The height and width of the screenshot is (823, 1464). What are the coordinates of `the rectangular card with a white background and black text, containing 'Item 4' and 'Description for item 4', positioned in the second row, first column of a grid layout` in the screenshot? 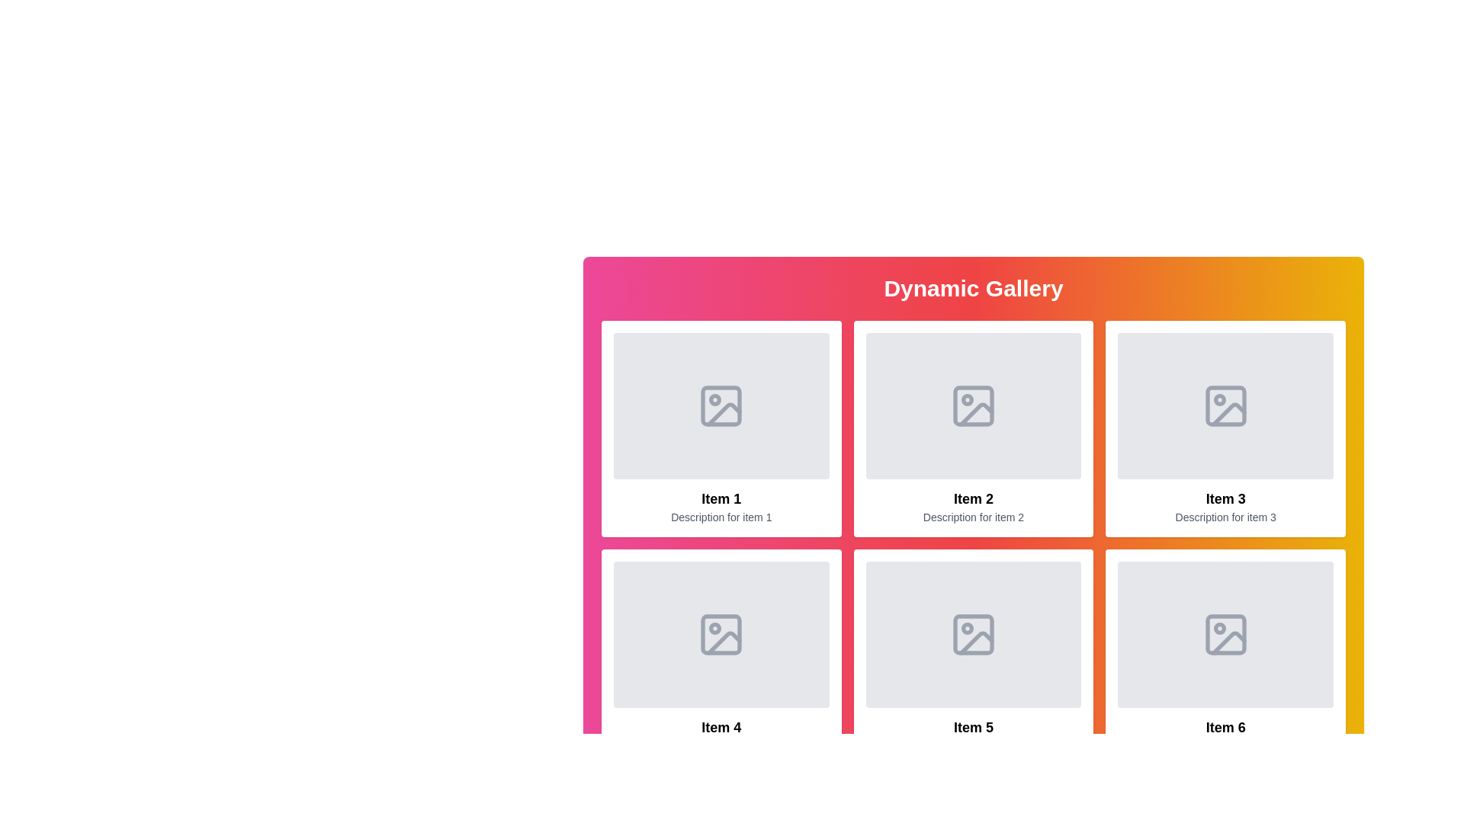 It's located at (721, 657).